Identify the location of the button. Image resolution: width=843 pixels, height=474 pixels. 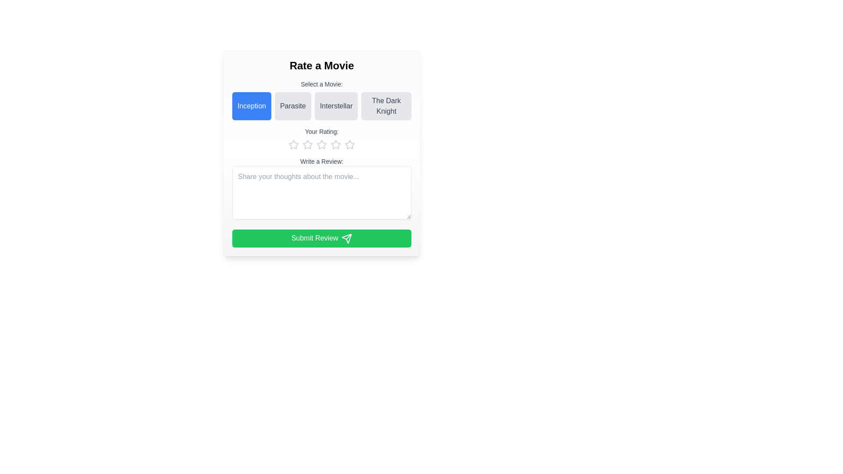
(336, 106).